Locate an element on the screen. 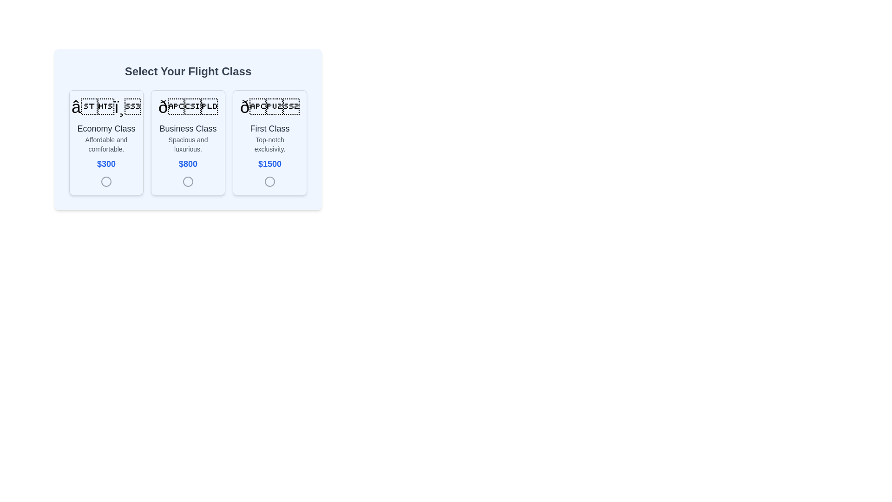 The height and width of the screenshot is (502, 892). the second selection panel for the business class flight is located at coordinates (187, 143).